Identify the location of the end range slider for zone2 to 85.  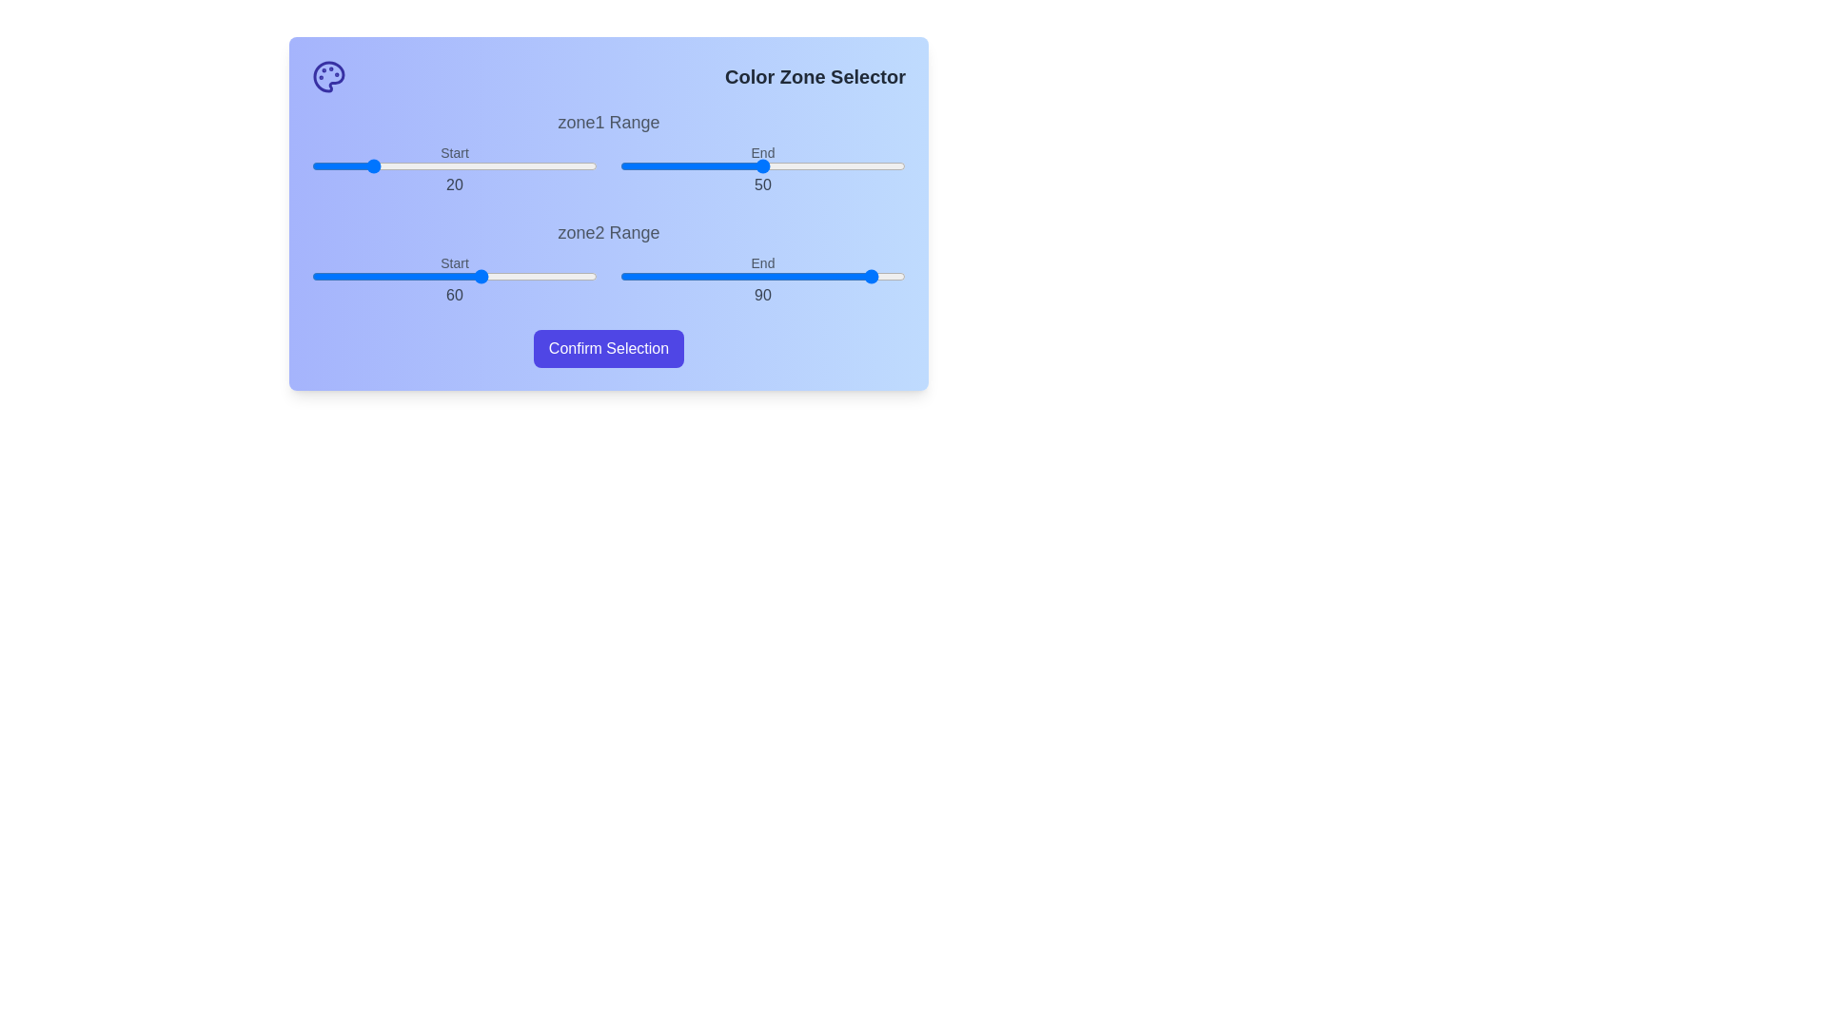
(862, 276).